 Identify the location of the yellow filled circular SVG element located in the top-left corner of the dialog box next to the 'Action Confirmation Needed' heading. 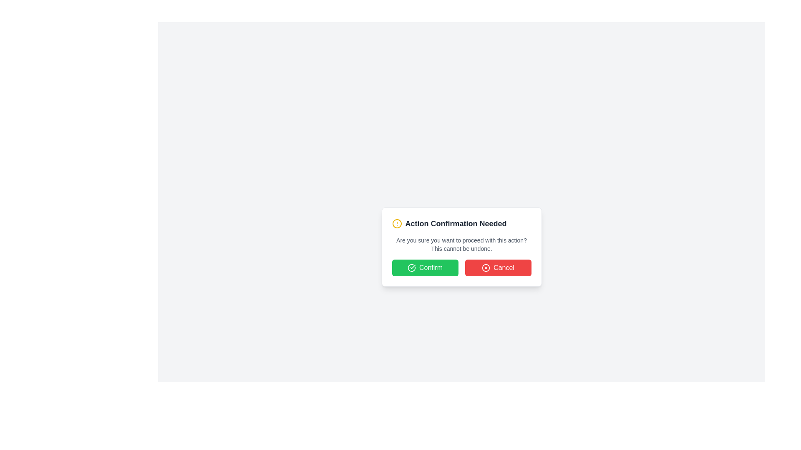
(396, 223).